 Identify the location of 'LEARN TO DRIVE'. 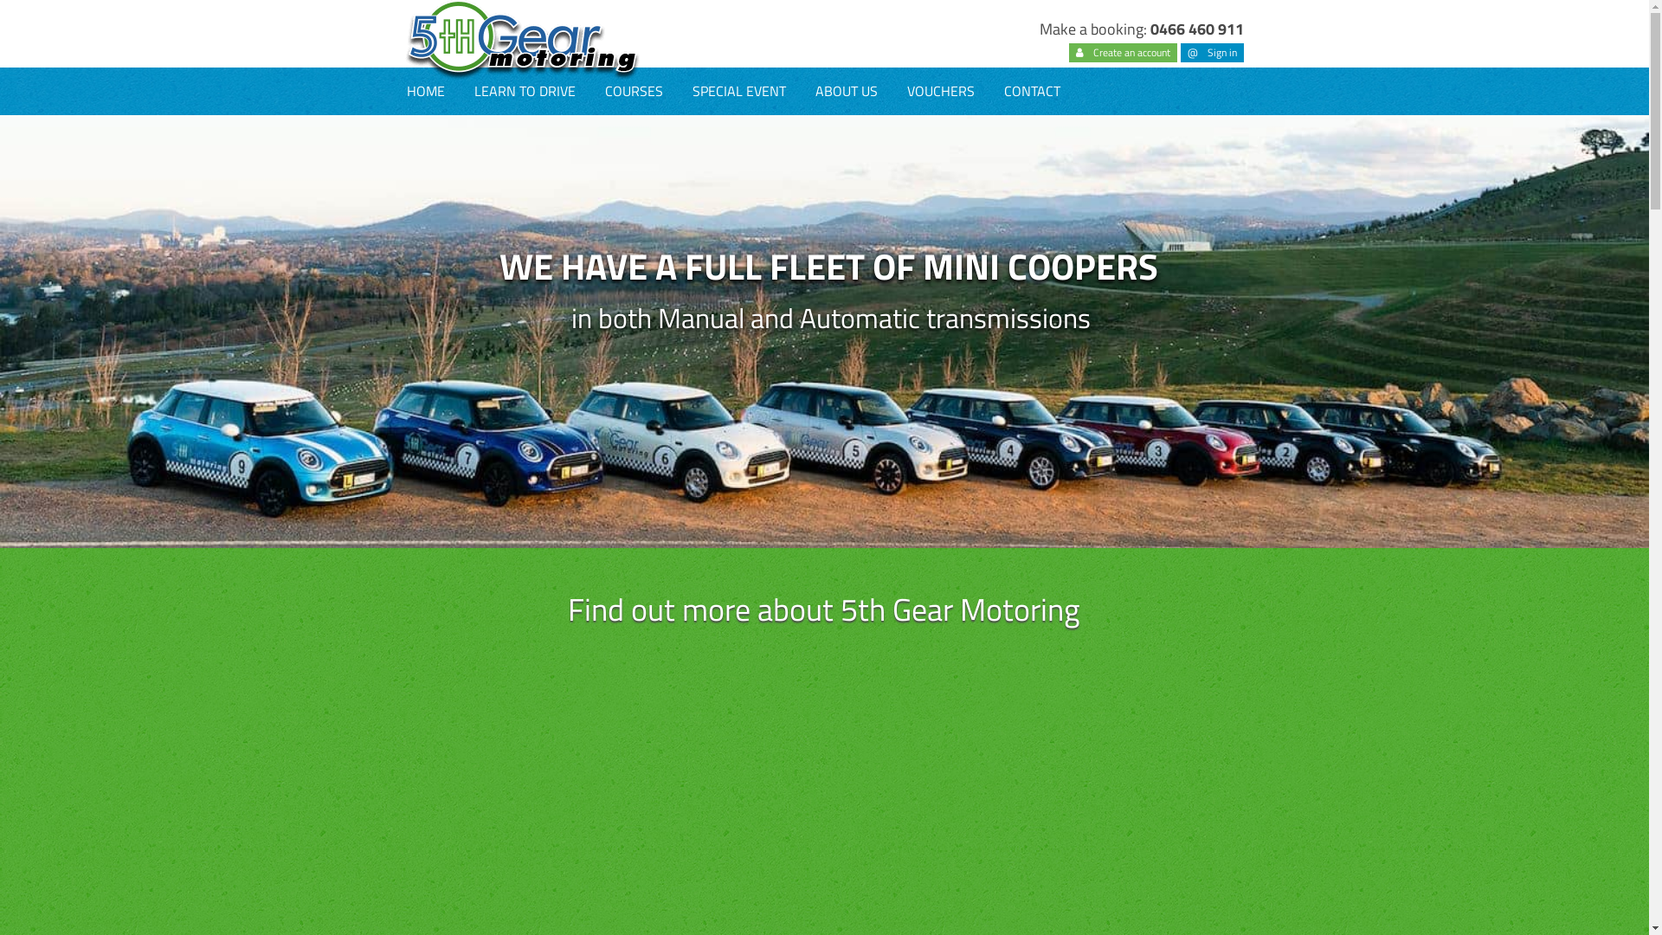
(458, 91).